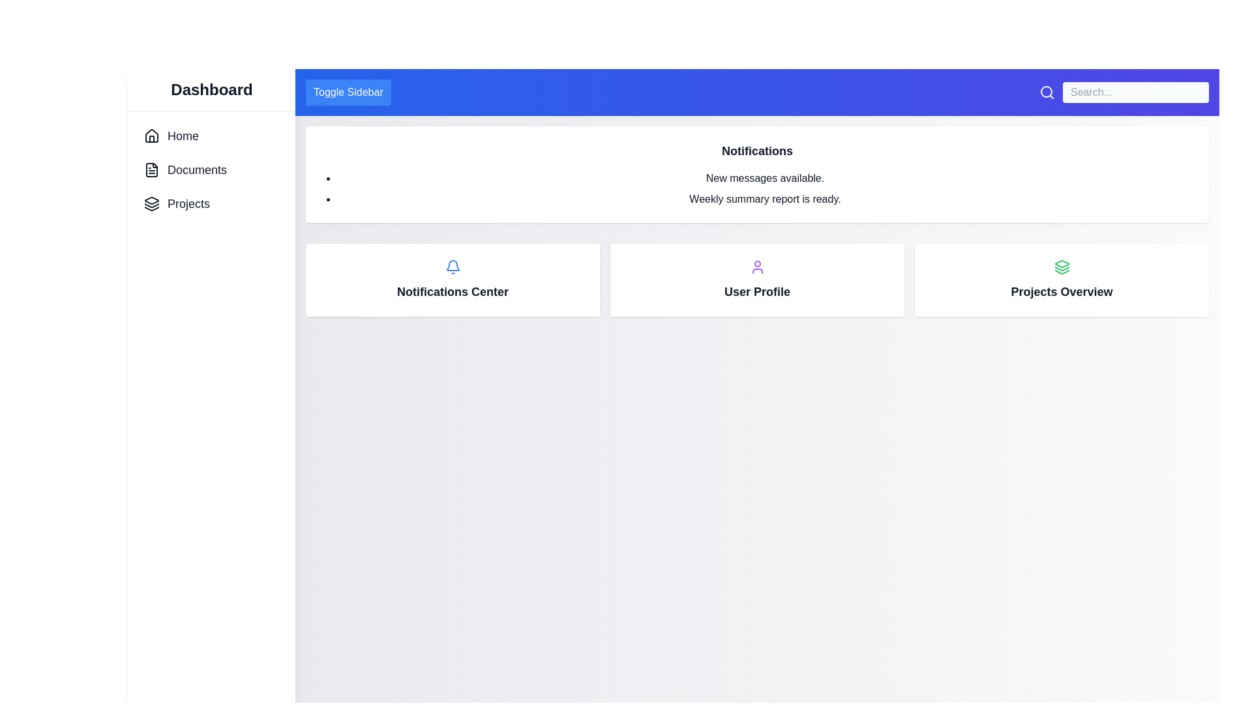  Describe the element at coordinates (171, 136) in the screenshot. I see `the 'Home' navigation button in the sidebar` at that location.